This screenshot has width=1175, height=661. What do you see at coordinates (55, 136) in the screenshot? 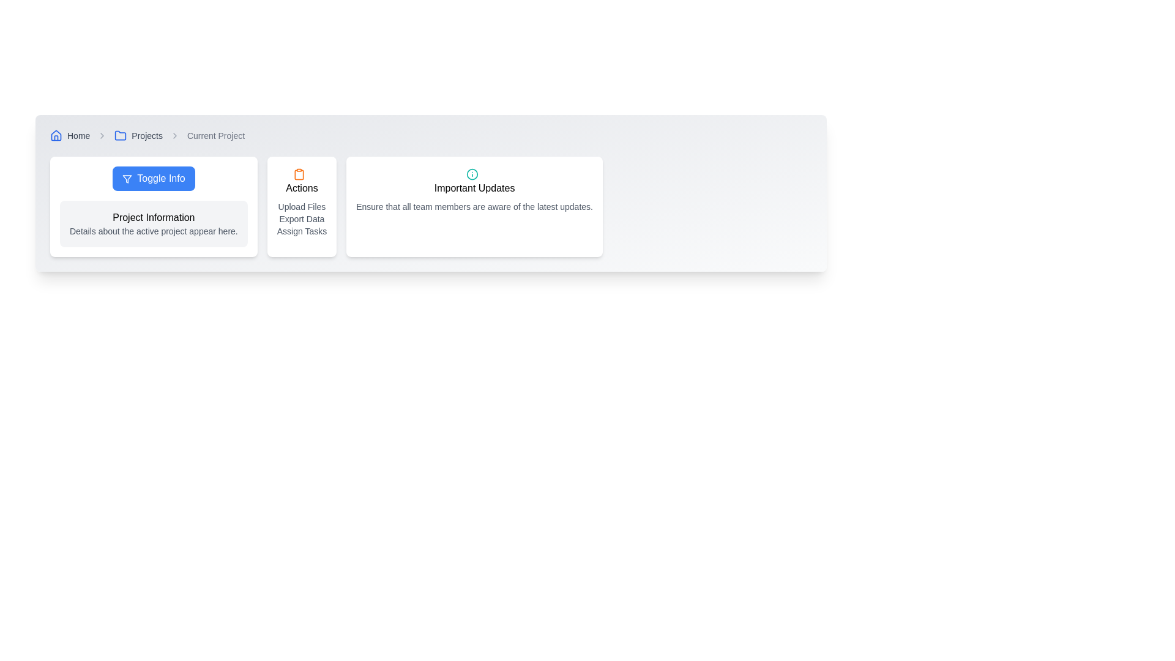
I see `the 'Home' icon located in the breadcrumb navigation bar, which serves as a visual identifier for the 'Home' link` at bounding box center [55, 136].